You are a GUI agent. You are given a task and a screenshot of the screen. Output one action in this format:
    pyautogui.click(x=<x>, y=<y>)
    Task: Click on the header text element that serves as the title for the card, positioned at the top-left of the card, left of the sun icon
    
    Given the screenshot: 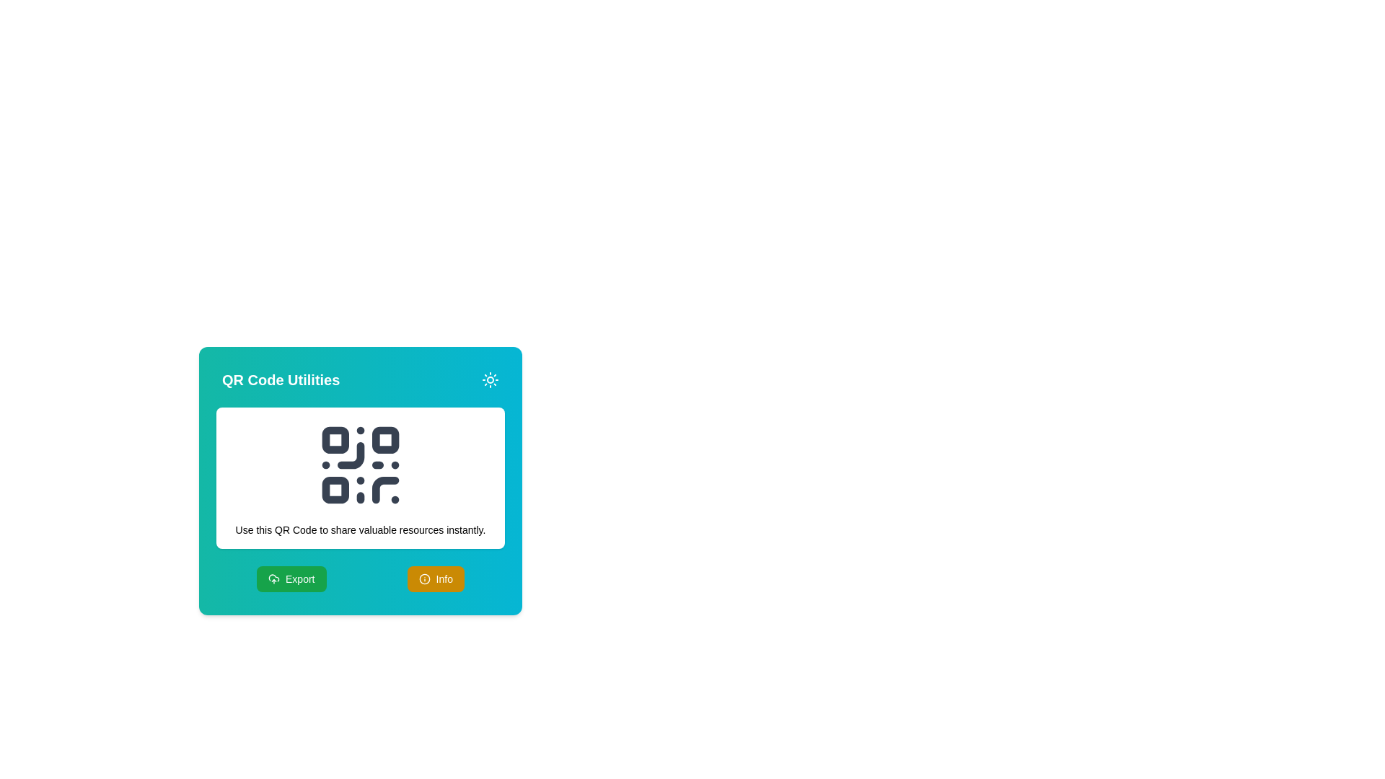 What is the action you would take?
    pyautogui.click(x=281, y=379)
    